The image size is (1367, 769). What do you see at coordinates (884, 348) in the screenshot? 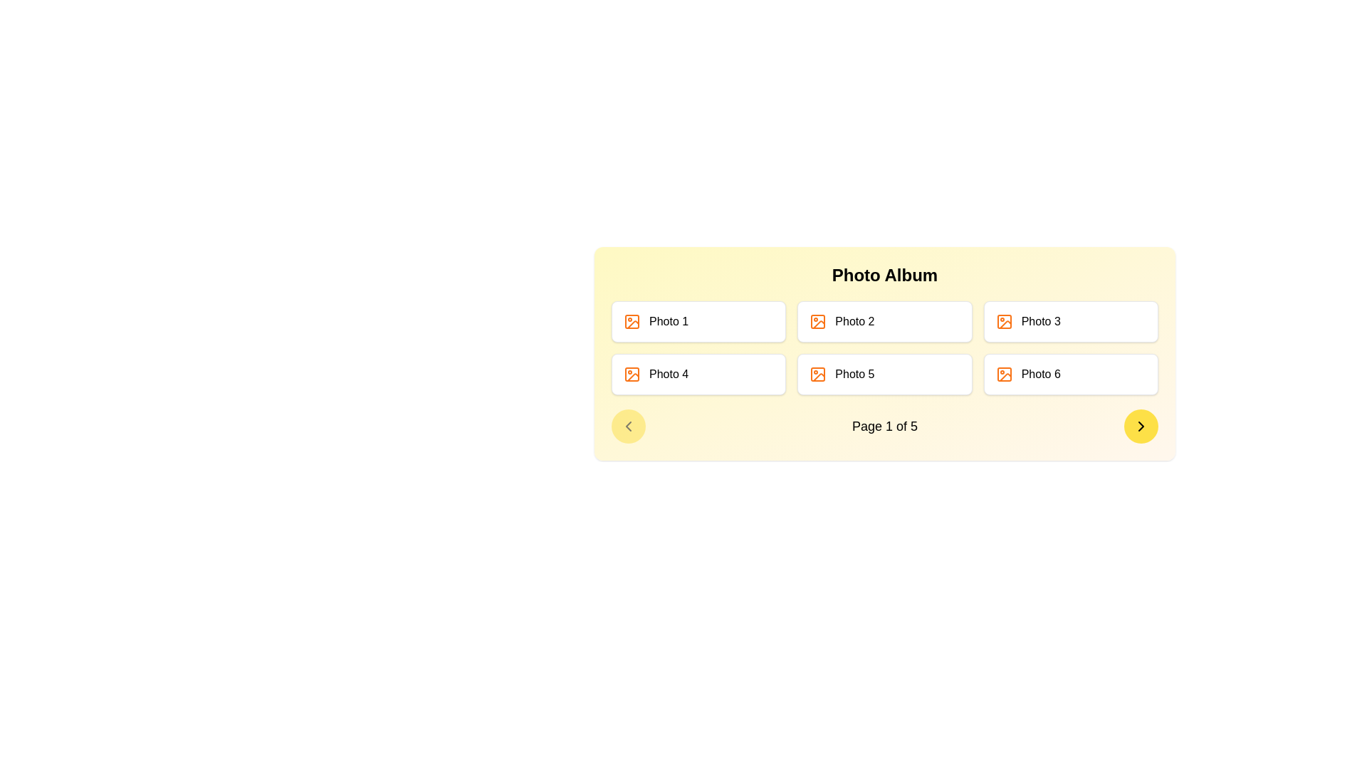
I see `a photo tile in the grid layout of the 'Photo Album'` at bounding box center [884, 348].